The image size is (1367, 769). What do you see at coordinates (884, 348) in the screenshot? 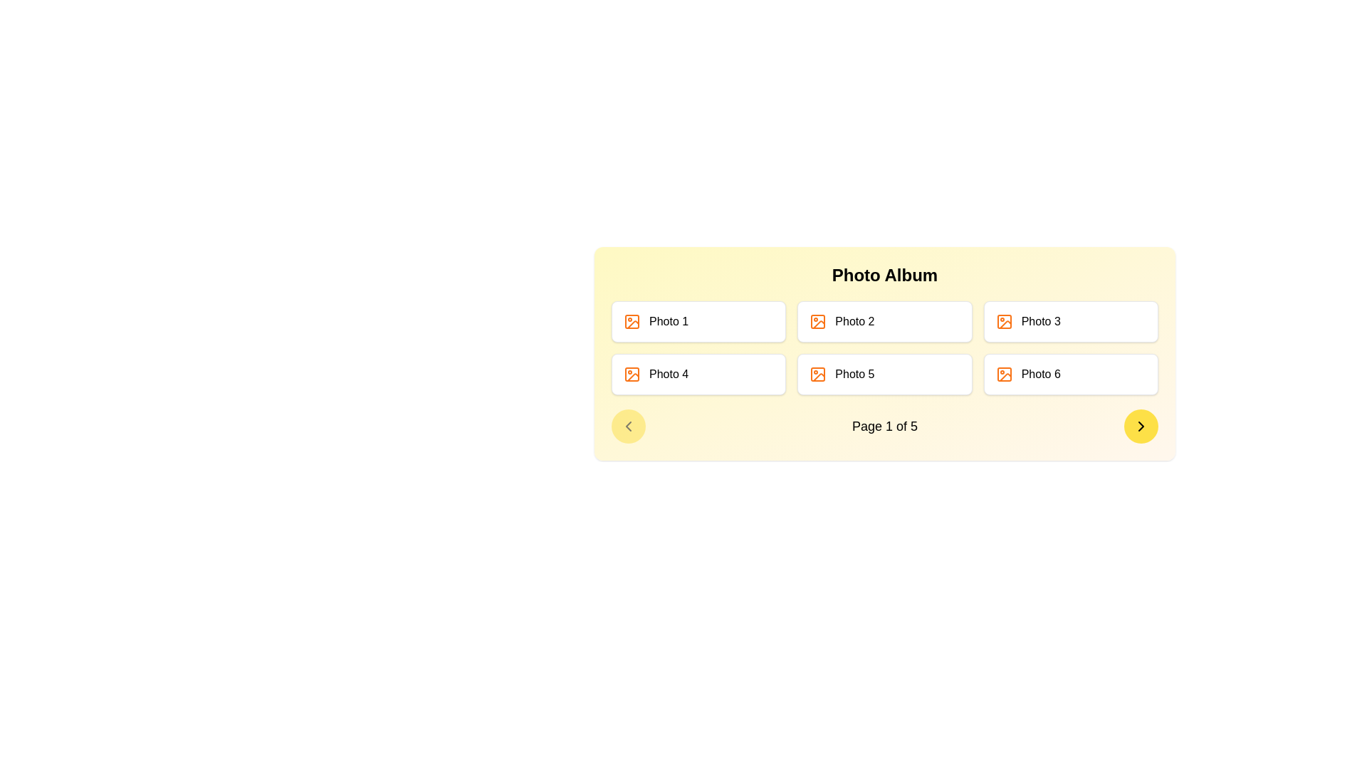
I see `a photo tile in the grid layout of the 'Photo Album'` at bounding box center [884, 348].